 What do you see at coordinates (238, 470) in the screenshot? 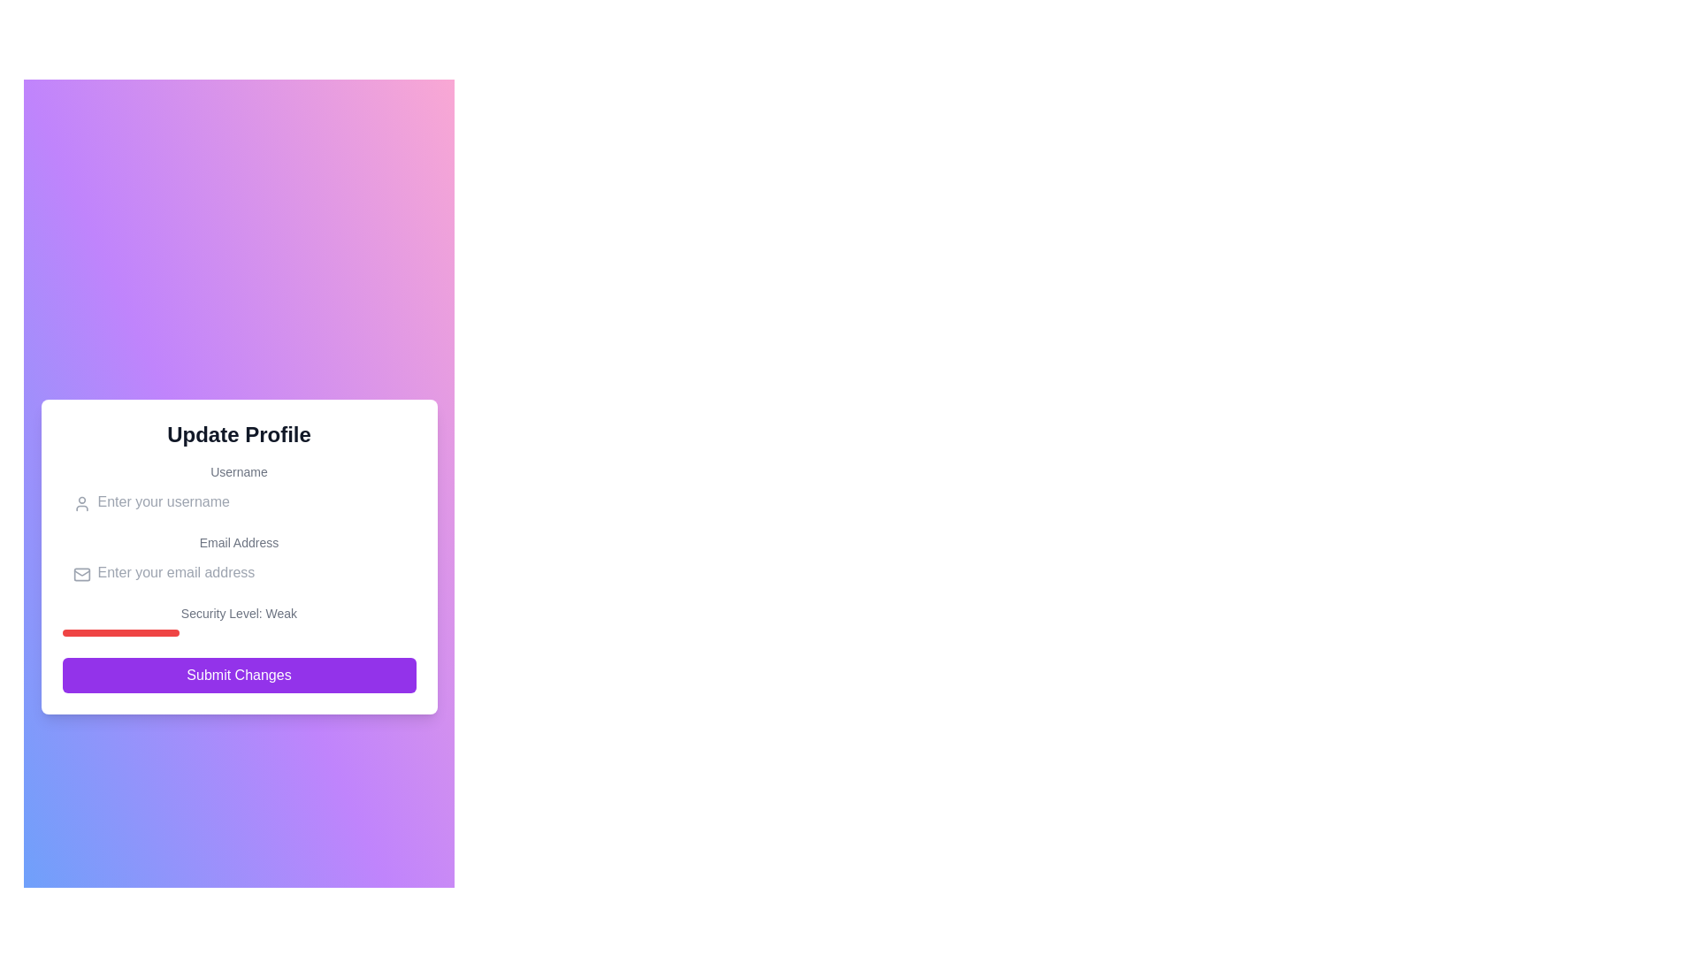
I see `the label that indicates the username input field, positioned above the input field and below the 'Update Profile' header` at bounding box center [238, 470].